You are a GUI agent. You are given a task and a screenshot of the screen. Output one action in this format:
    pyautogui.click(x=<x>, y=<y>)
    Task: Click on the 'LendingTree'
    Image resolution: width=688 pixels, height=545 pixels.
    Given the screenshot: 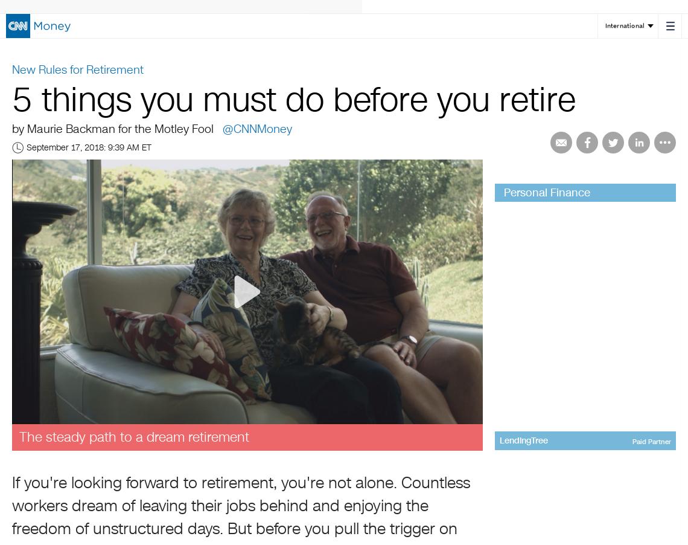 What is the action you would take?
    pyautogui.click(x=523, y=440)
    